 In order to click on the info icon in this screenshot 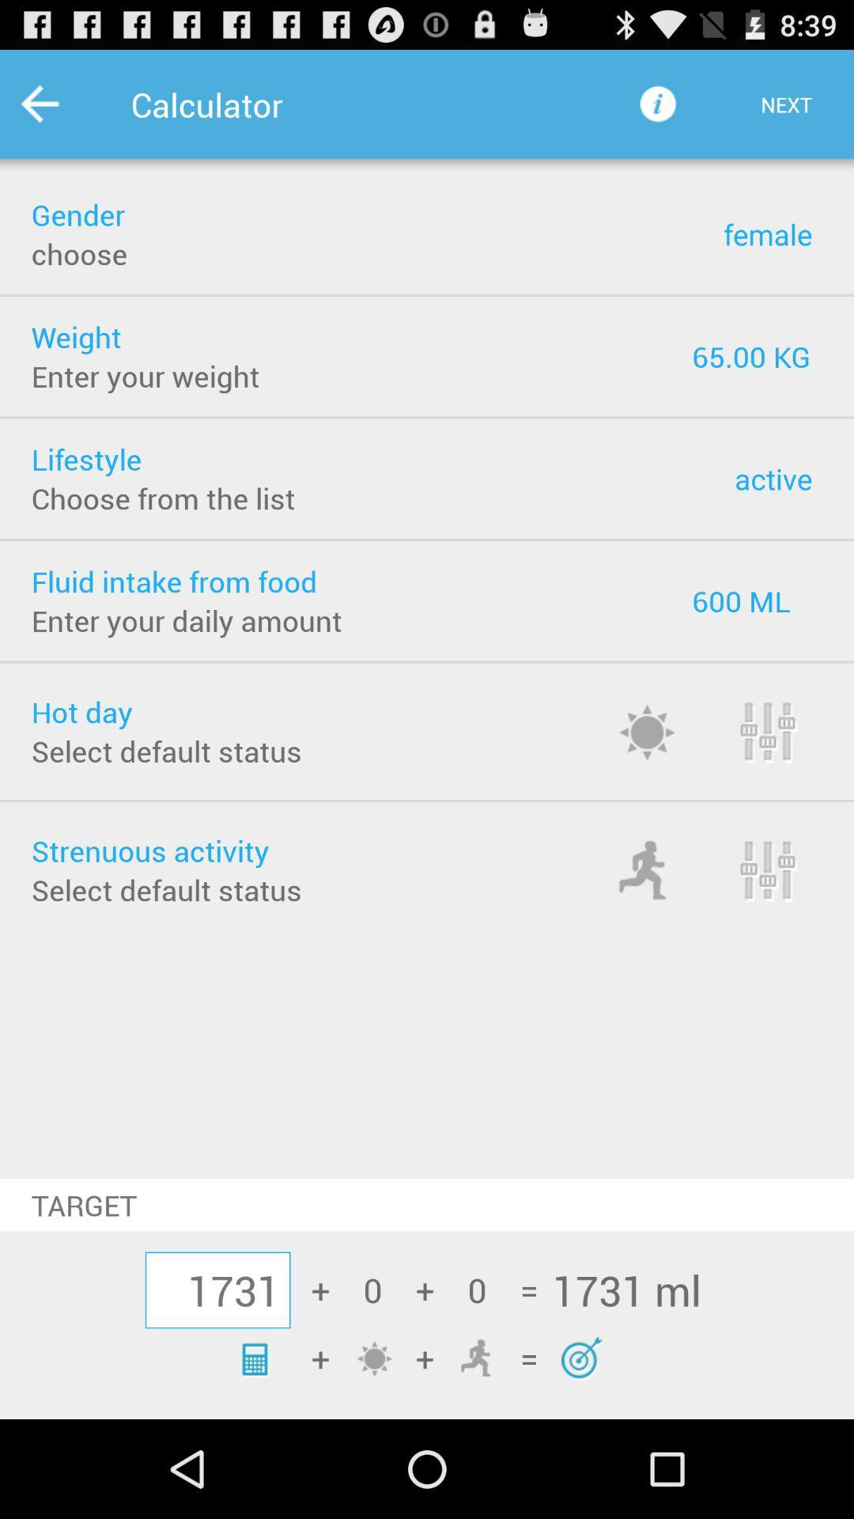, I will do `click(658, 111)`.